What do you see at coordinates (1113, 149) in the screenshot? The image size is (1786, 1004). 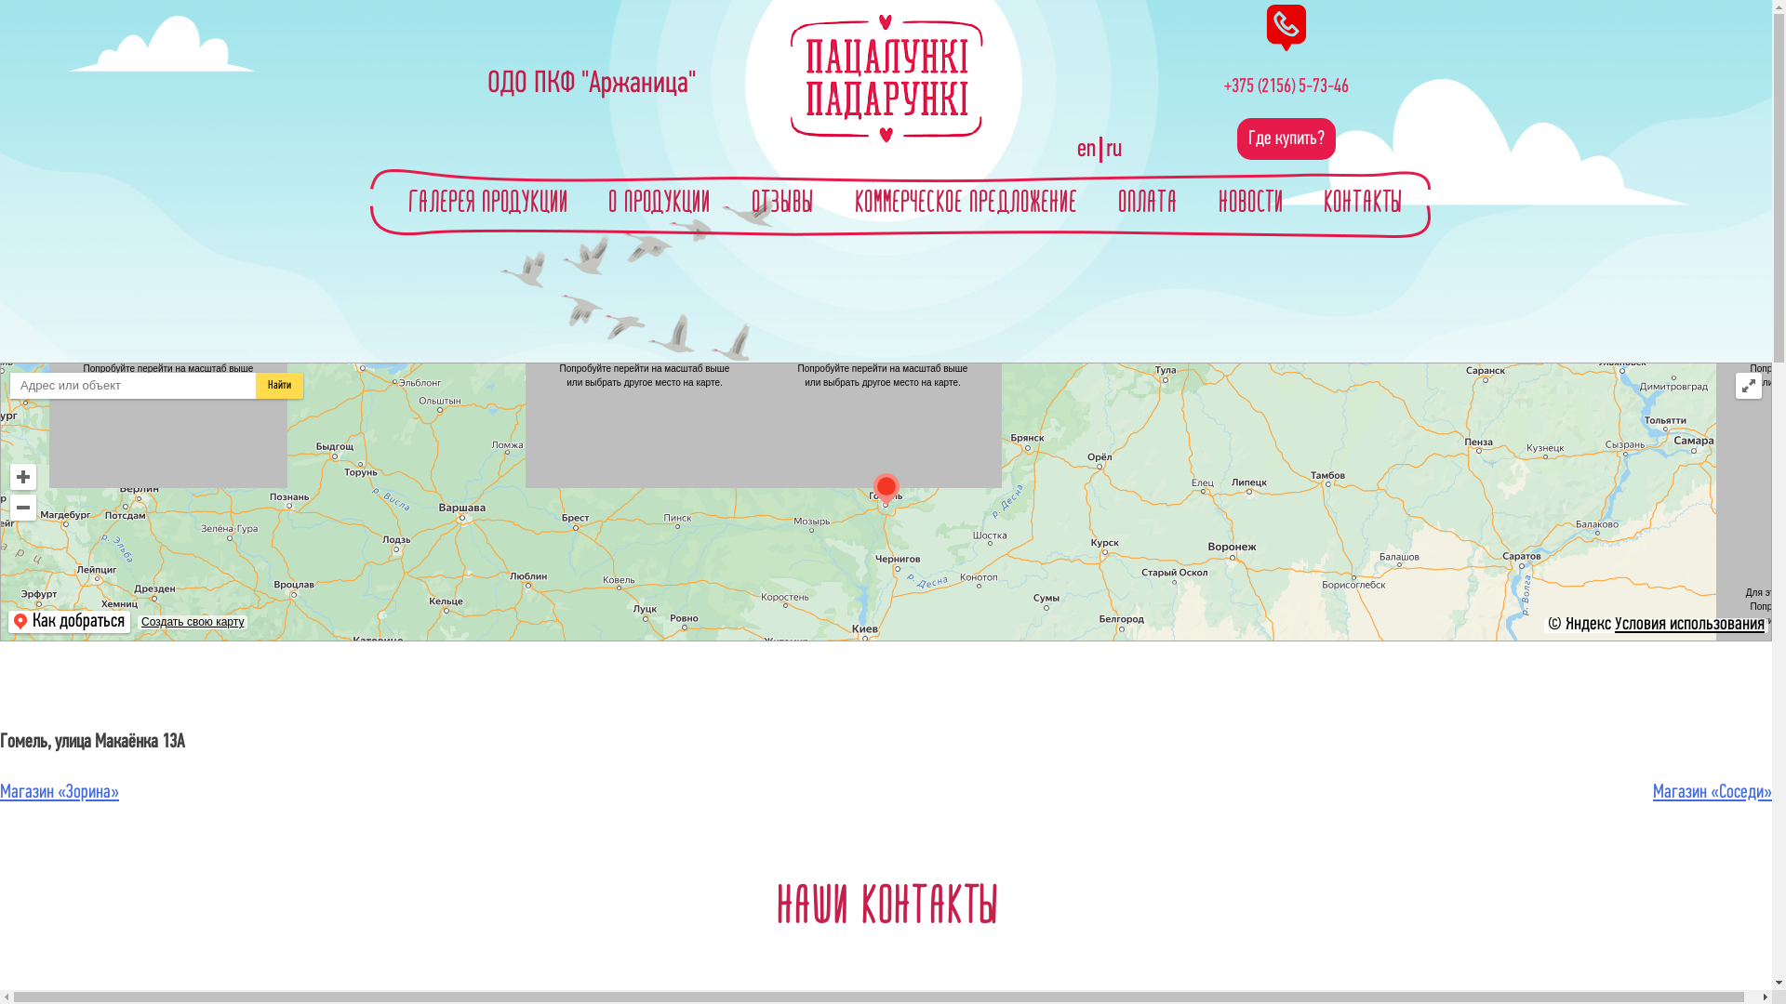 I see `'ru'` at bounding box center [1113, 149].